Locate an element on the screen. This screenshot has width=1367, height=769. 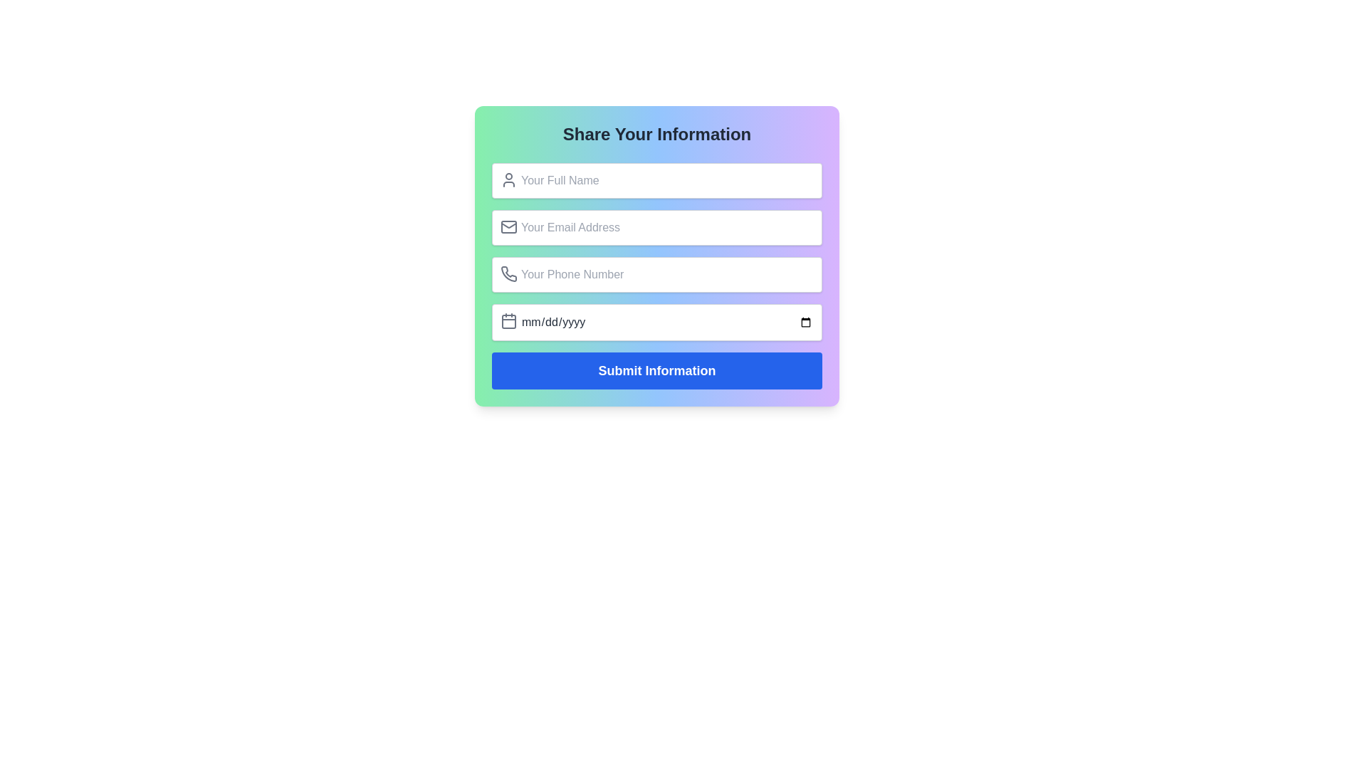
the phone receiver icon inside the SVG graphic, which is located near the left edge of the 'Your Phone Number' field is located at coordinates (509, 273).